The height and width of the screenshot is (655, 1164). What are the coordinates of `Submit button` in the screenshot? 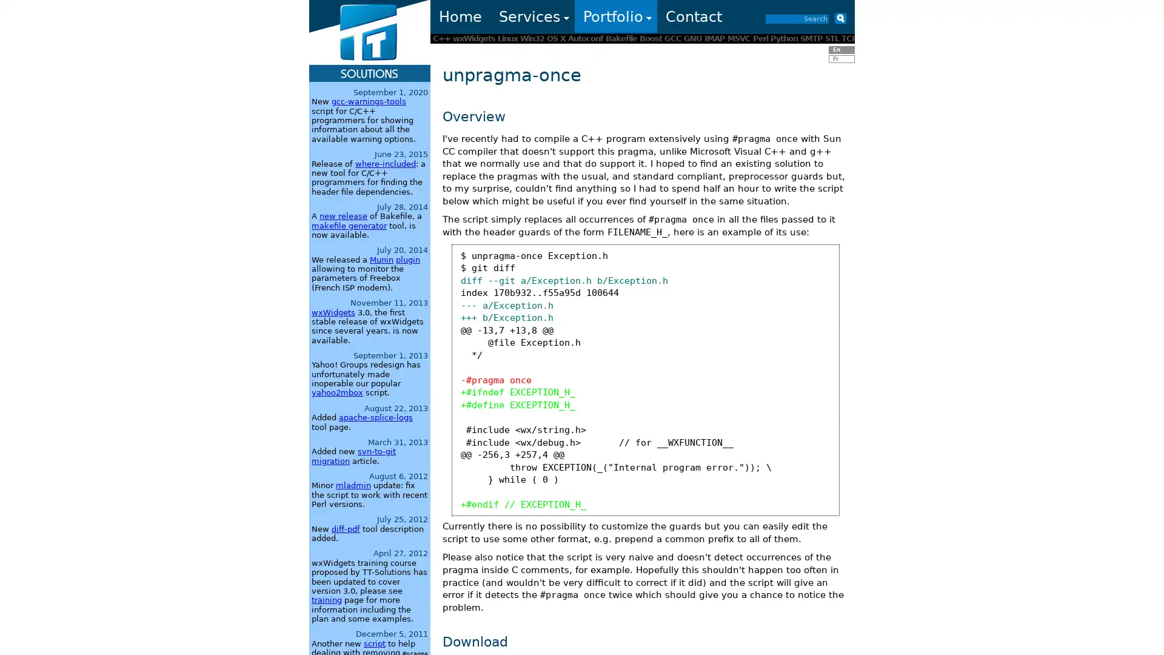 It's located at (840, 18).